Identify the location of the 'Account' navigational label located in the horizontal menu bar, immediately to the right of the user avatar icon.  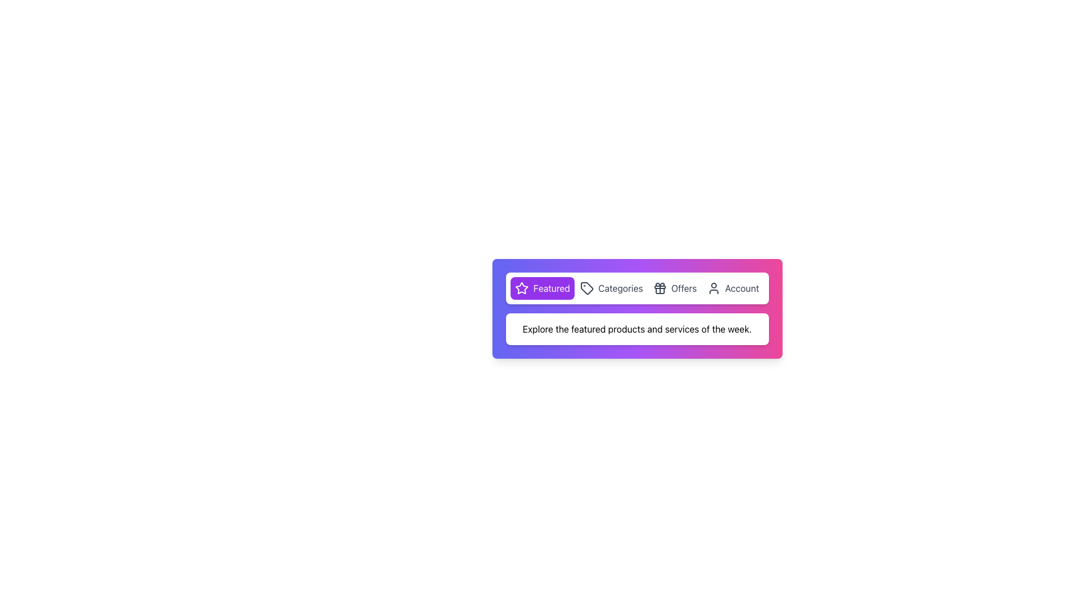
(742, 288).